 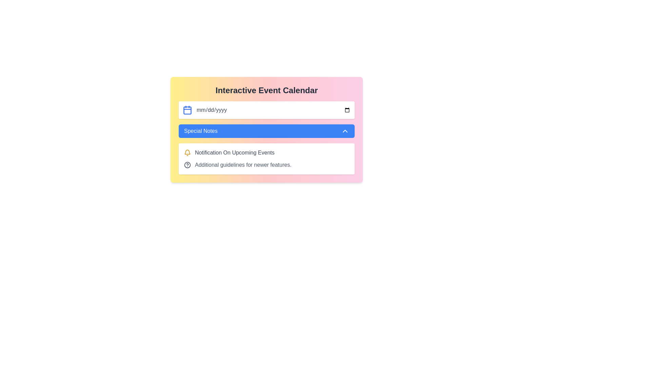 I want to click on the dropdown button located at the center of the gradient-styled interactive event calendar, so click(x=266, y=131).